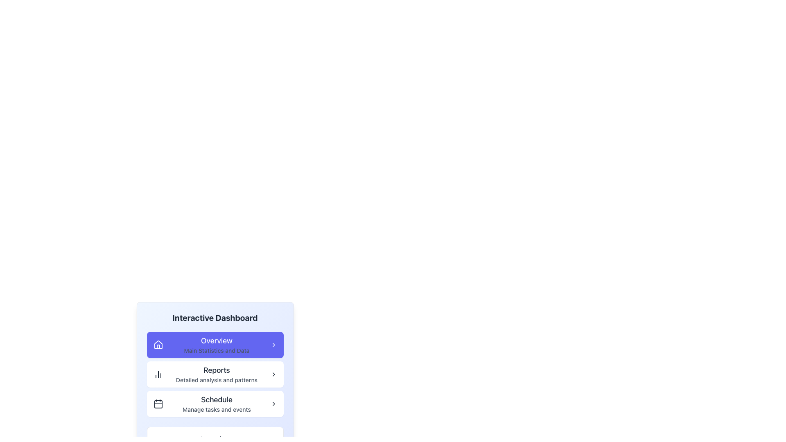 This screenshot has width=786, height=442. I want to click on text label displaying 'Main Statistics and Data' located below the 'Overview' text in the topmost menu item, so click(217, 350).